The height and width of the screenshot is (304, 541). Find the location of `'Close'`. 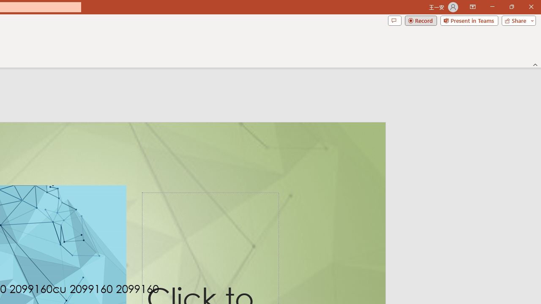

'Close' is located at coordinates (530, 7).